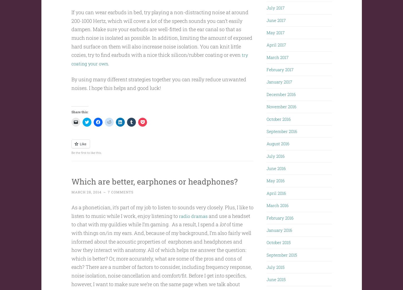 The height and width of the screenshot is (290, 403). Describe the element at coordinates (275, 31) in the screenshot. I see `'May 2017'` at that location.